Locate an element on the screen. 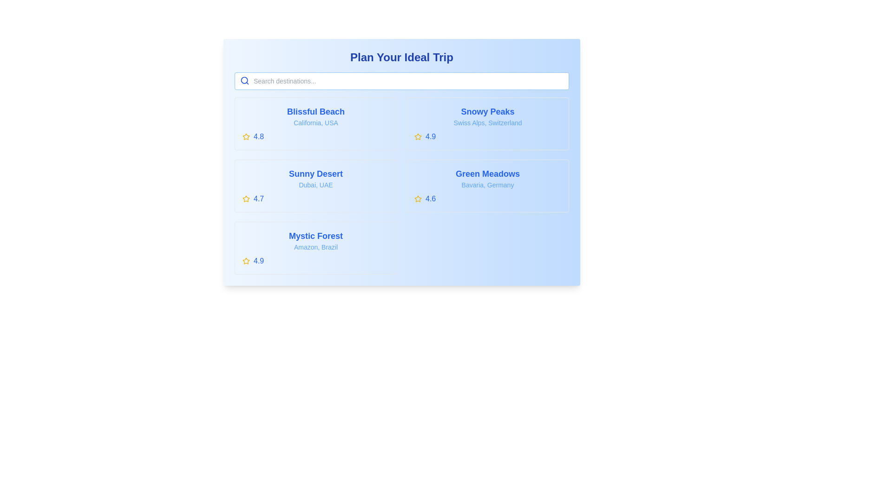  the star icon located to the left of the numerical rating '4.8' in the 'Blissful Beach' section to interact with it is located at coordinates (246, 136).